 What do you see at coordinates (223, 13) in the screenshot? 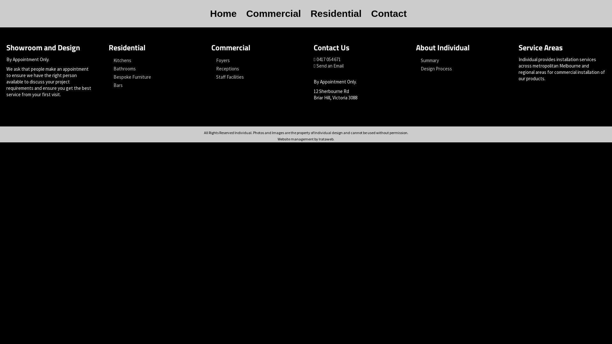
I see `'Home'` at bounding box center [223, 13].